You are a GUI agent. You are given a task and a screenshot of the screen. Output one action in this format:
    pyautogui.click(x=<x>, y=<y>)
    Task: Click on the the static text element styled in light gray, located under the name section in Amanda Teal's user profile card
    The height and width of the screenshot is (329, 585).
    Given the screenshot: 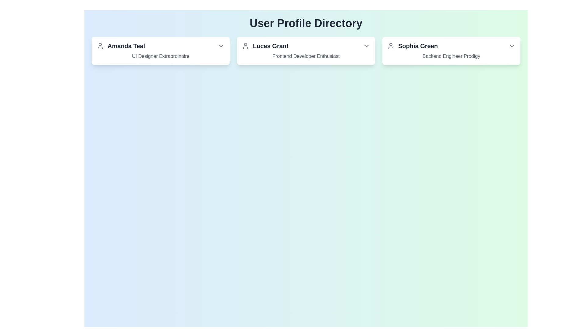 What is the action you would take?
    pyautogui.click(x=161, y=56)
    